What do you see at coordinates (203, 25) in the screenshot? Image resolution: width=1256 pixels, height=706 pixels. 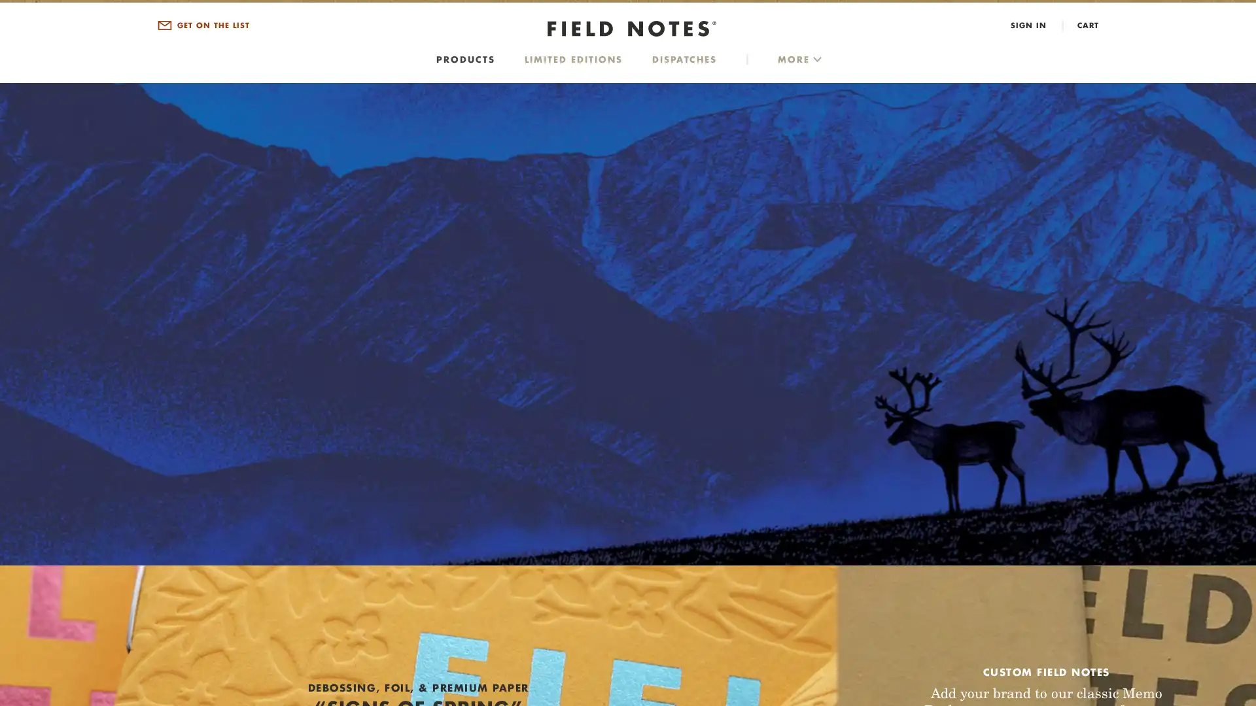 I see `GET ON THE LIST` at bounding box center [203, 25].